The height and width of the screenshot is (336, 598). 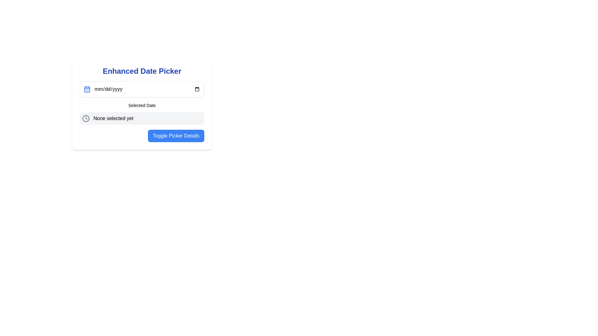 I want to click on bold, large-sized blue text labeled 'Enhanced Date Picker' located at the top of the date picker interface, so click(x=142, y=71).